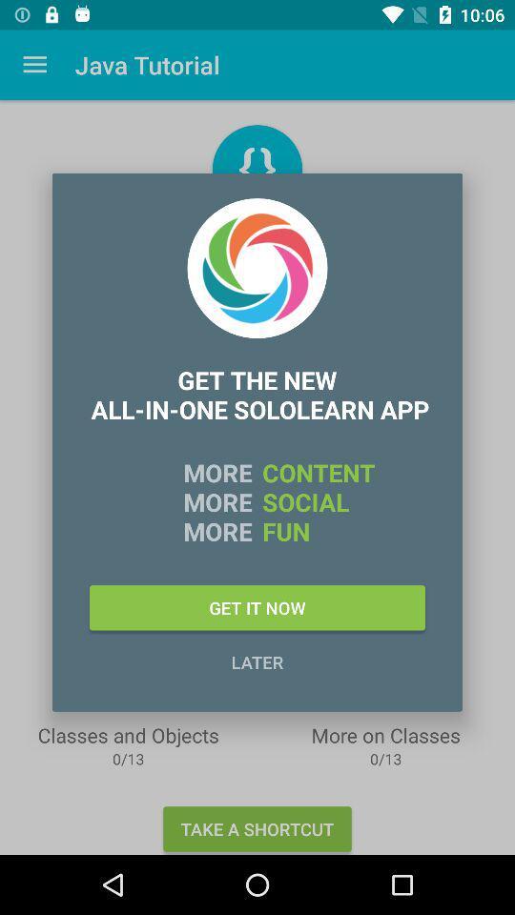 The width and height of the screenshot is (515, 915). Describe the element at coordinates (257, 606) in the screenshot. I see `icon above later item` at that location.